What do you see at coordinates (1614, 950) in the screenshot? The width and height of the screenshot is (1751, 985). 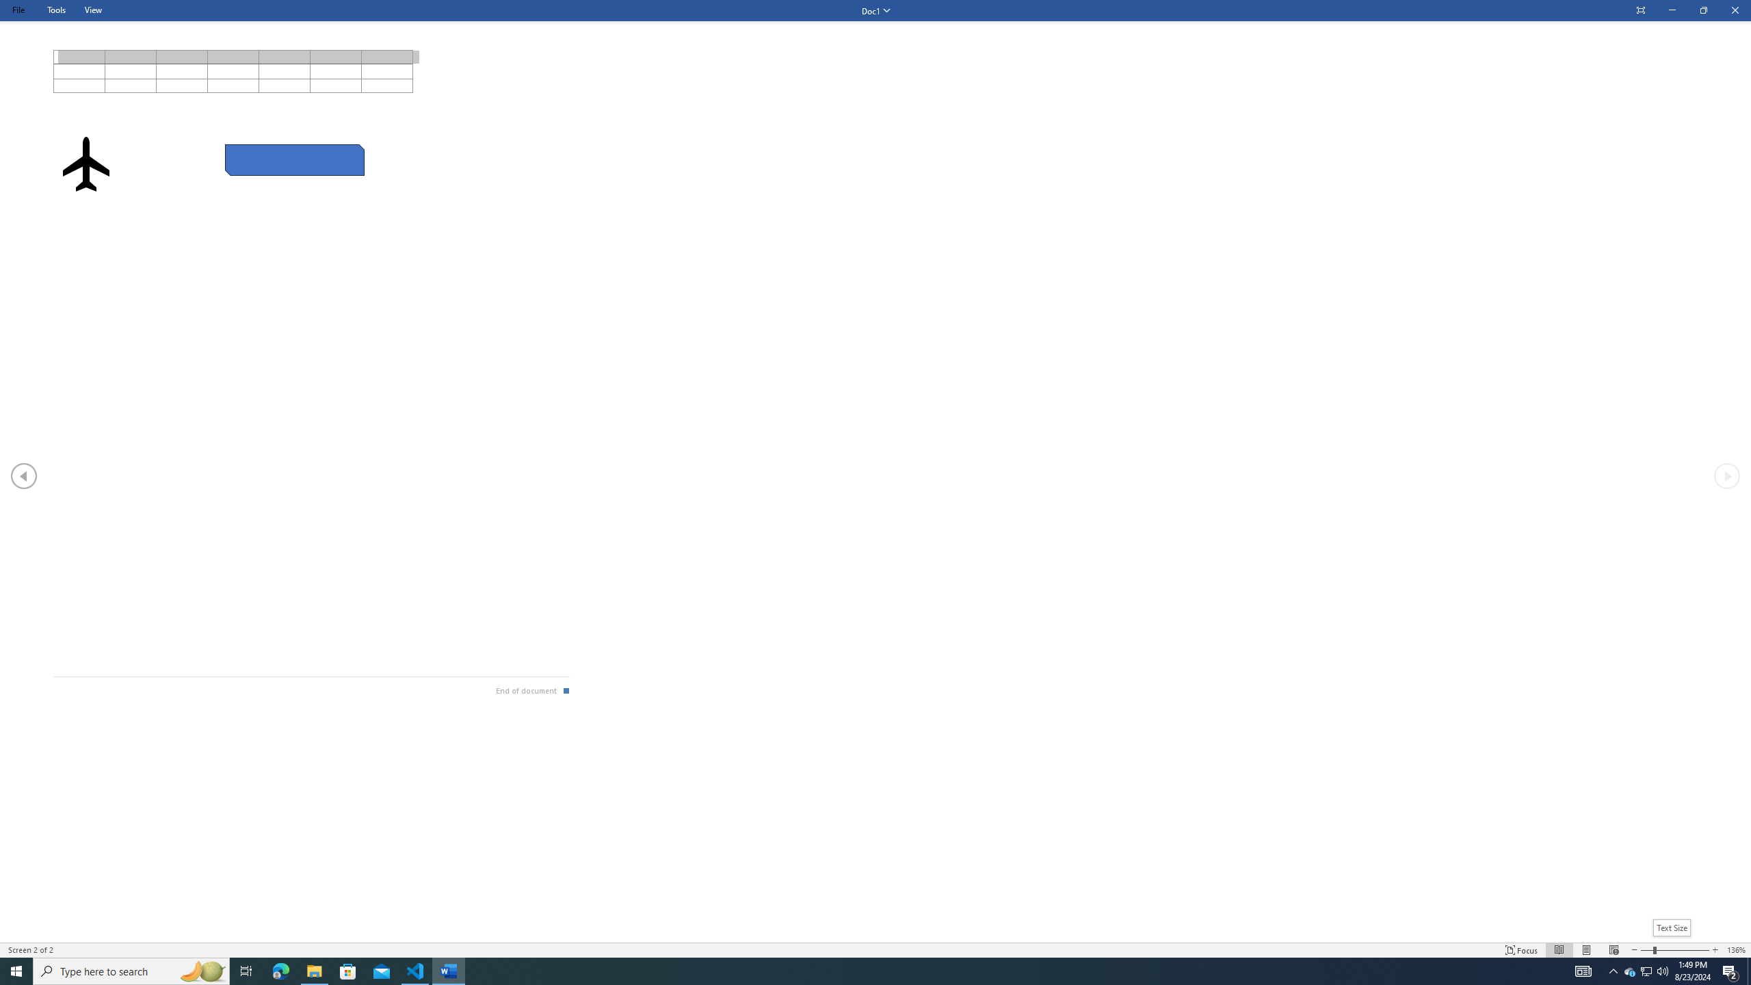 I see `'Web Layout'` at bounding box center [1614, 950].